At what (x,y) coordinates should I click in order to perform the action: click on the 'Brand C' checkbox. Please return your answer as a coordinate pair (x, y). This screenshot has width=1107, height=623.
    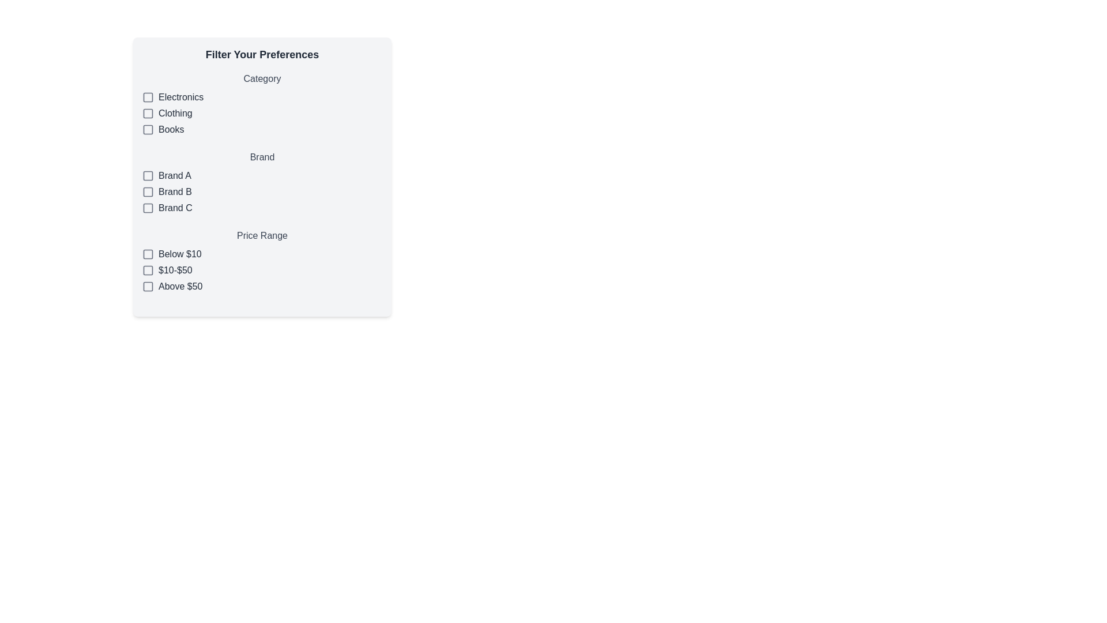
    Looking at the image, I should click on (148, 208).